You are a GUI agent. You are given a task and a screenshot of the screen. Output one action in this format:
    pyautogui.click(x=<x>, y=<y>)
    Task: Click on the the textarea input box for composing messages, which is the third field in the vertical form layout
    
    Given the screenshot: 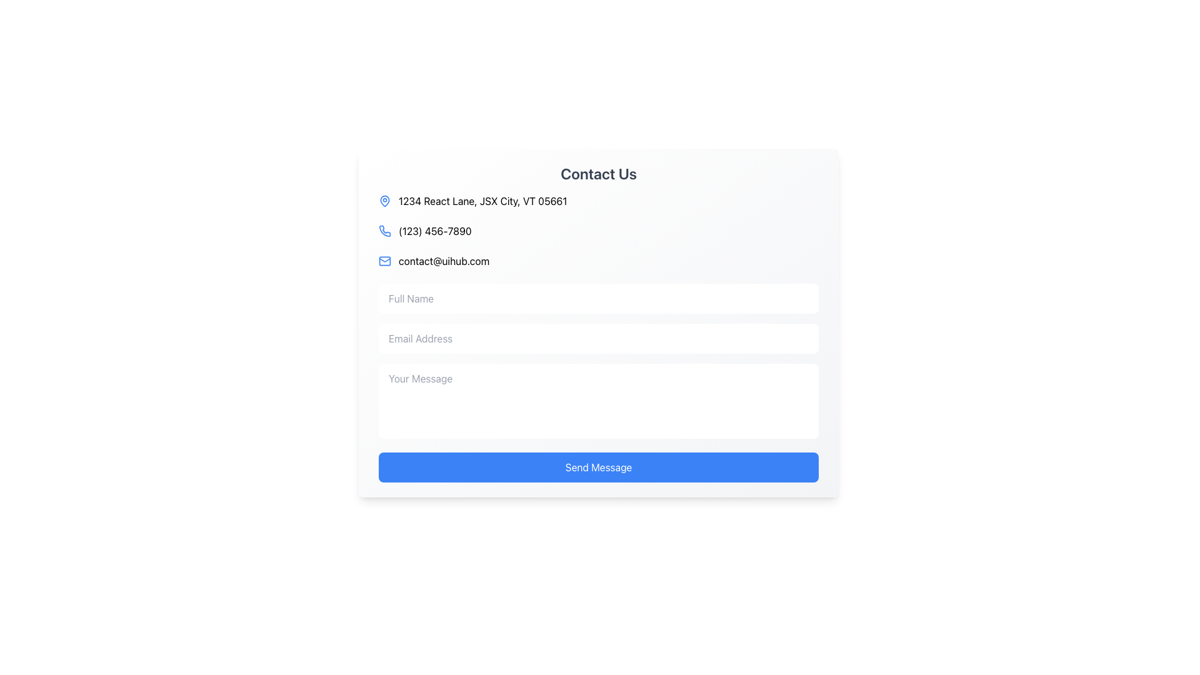 What is the action you would take?
    pyautogui.click(x=598, y=402)
    